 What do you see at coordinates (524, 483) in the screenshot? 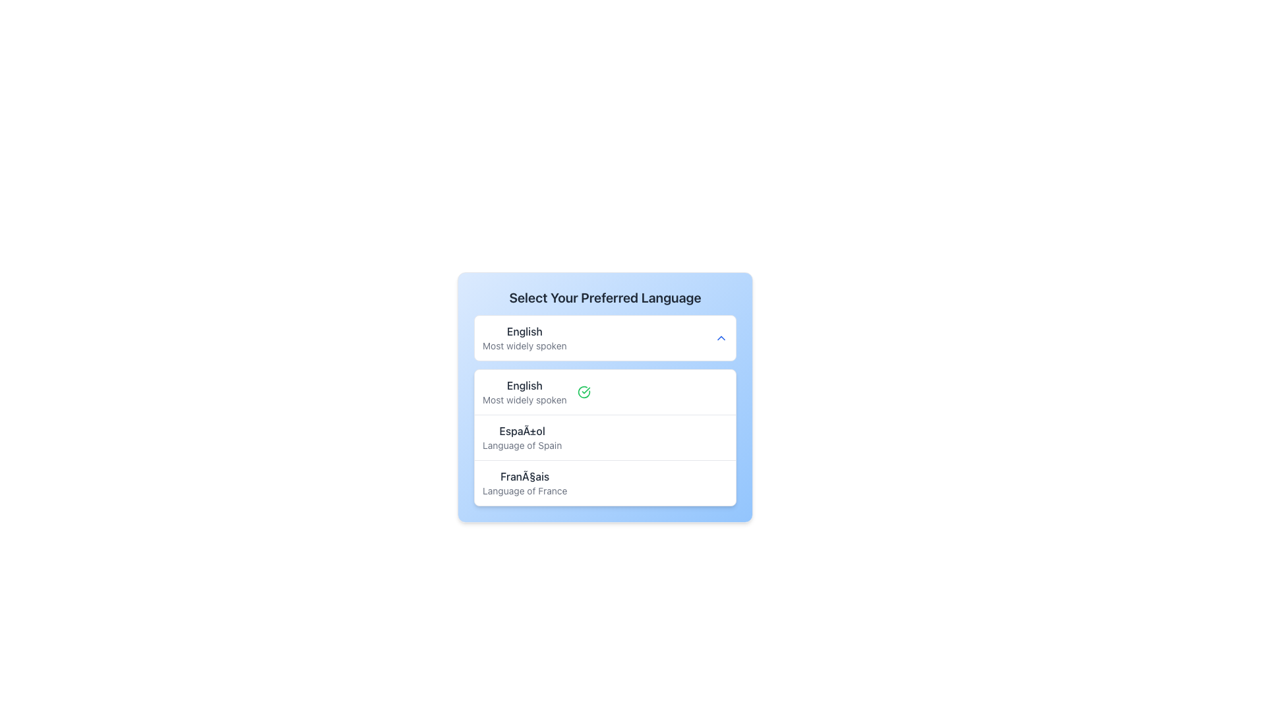
I see `the language option labeled 'Français' in the dropdown menu` at bounding box center [524, 483].